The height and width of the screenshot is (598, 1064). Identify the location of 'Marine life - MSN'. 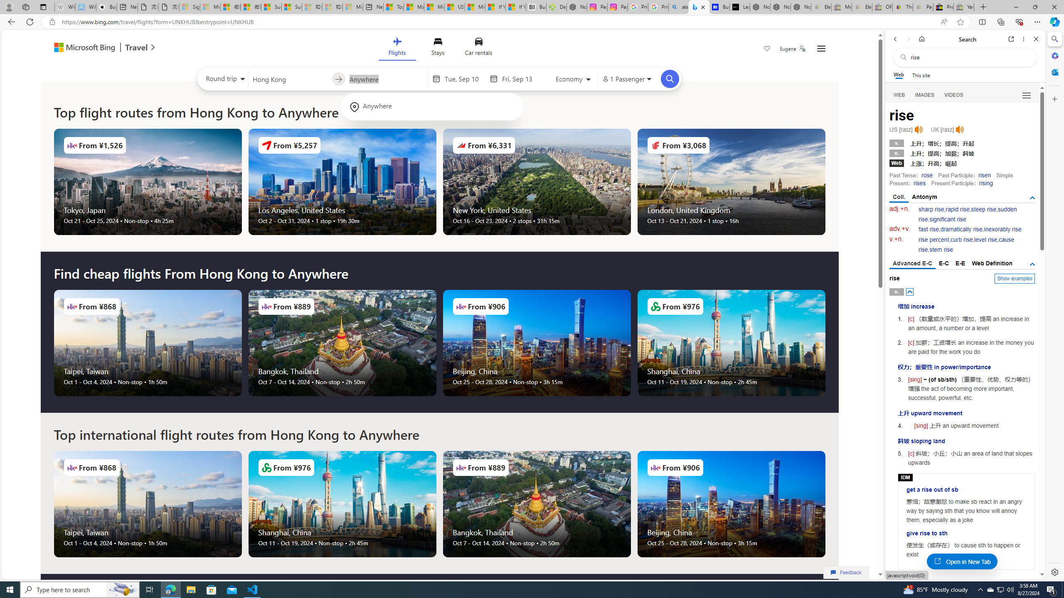
(413, 7).